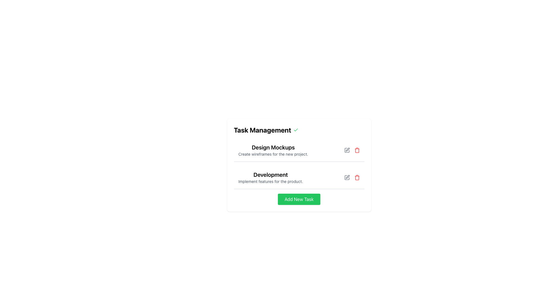  What do you see at coordinates (273, 154) in the screenshot?
I see `the text element displaying 'Create wireframes for the new project.' which is located below the title 'Design Mockups.'` at bounding box center [273, 154].